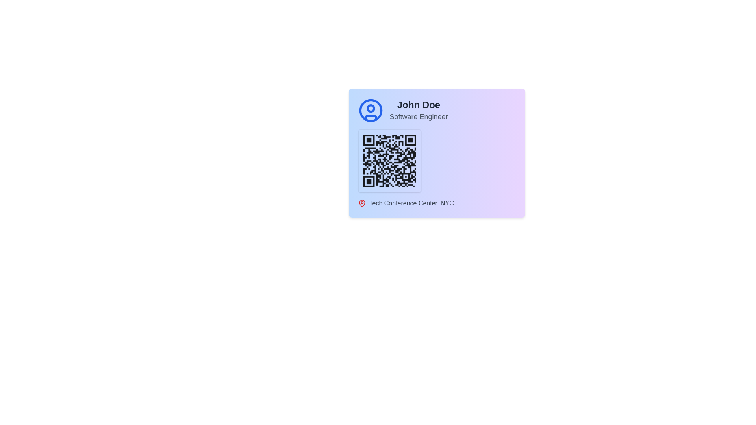  Describe the element at coordinates (370, 108) in the screenshot. I see `the inner circular element of the user profile icon, which has a blue outline on a white background, located in the upper-left section of the card next to 'John Doe, Software Engineer'` at that location.